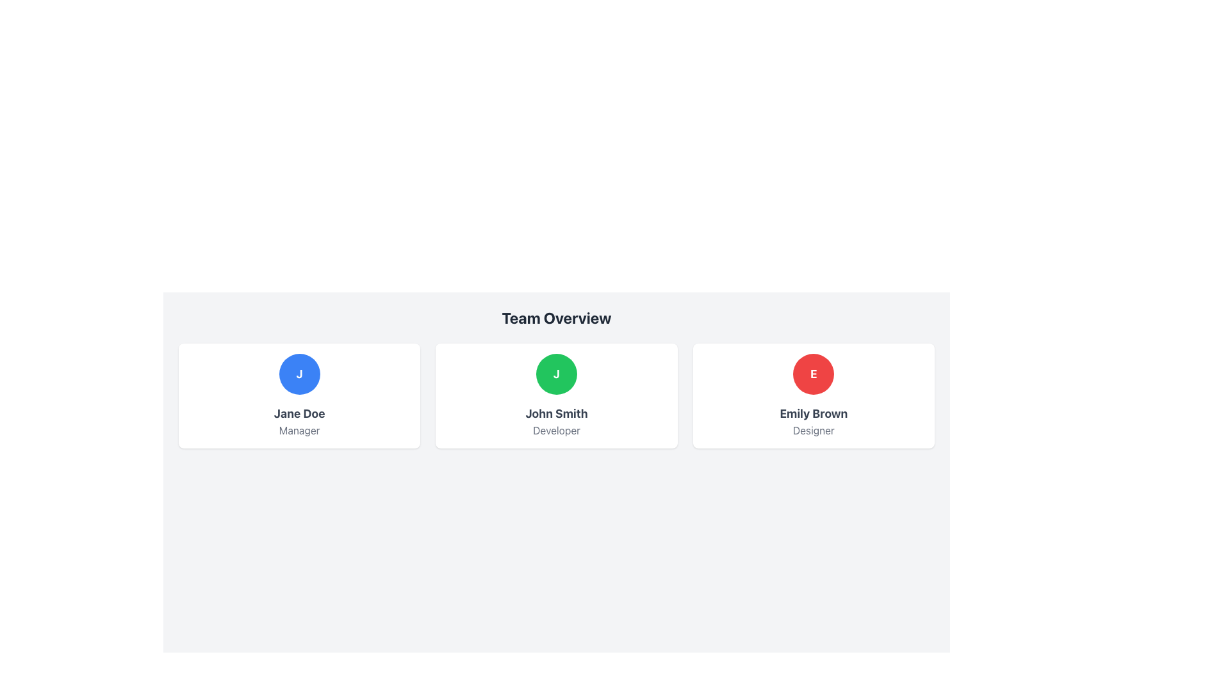 The width and height of the screenshot is (1230, 691). I want to click on the gray-colored text label displaying 'Designer', which is positioned below the name 'Emily Brown' in the profile card, so click(813, 430).